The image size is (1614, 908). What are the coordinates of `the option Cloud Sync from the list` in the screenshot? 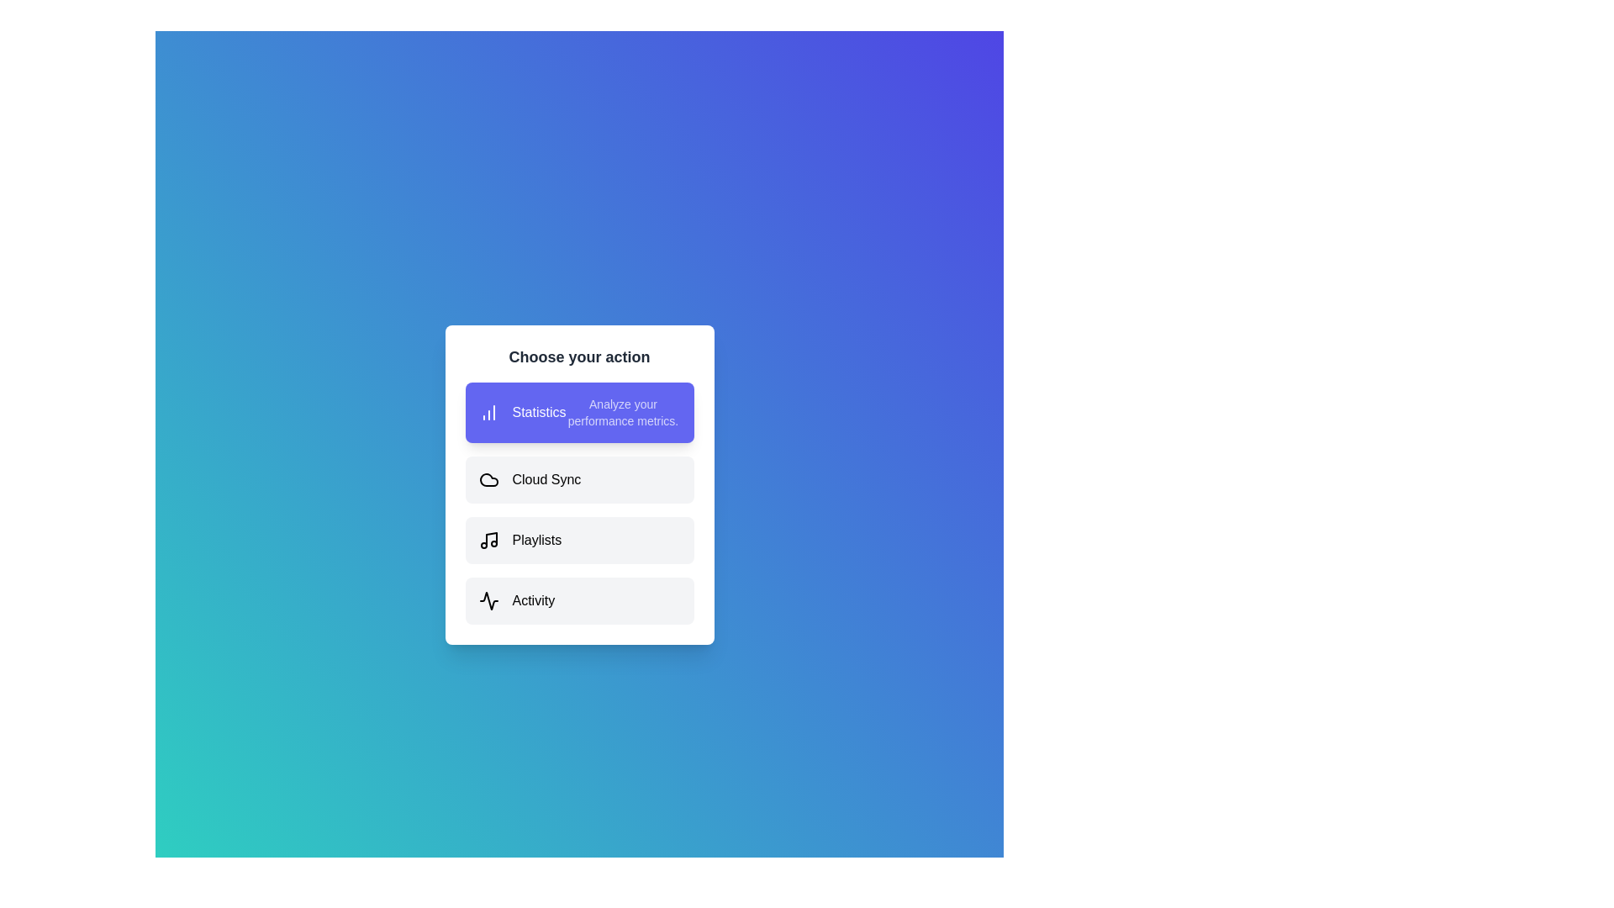 It's located at (579, 479).